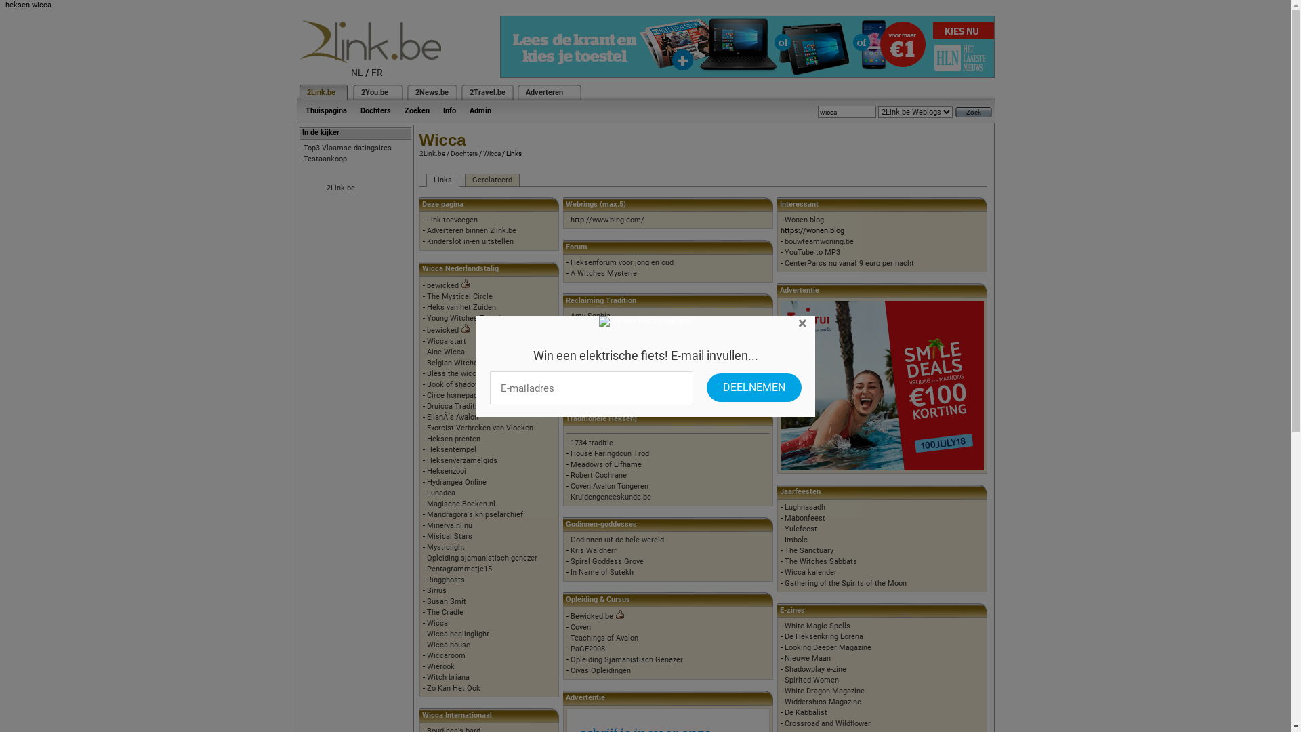  I want to click on 'Info', so click(449, 110).